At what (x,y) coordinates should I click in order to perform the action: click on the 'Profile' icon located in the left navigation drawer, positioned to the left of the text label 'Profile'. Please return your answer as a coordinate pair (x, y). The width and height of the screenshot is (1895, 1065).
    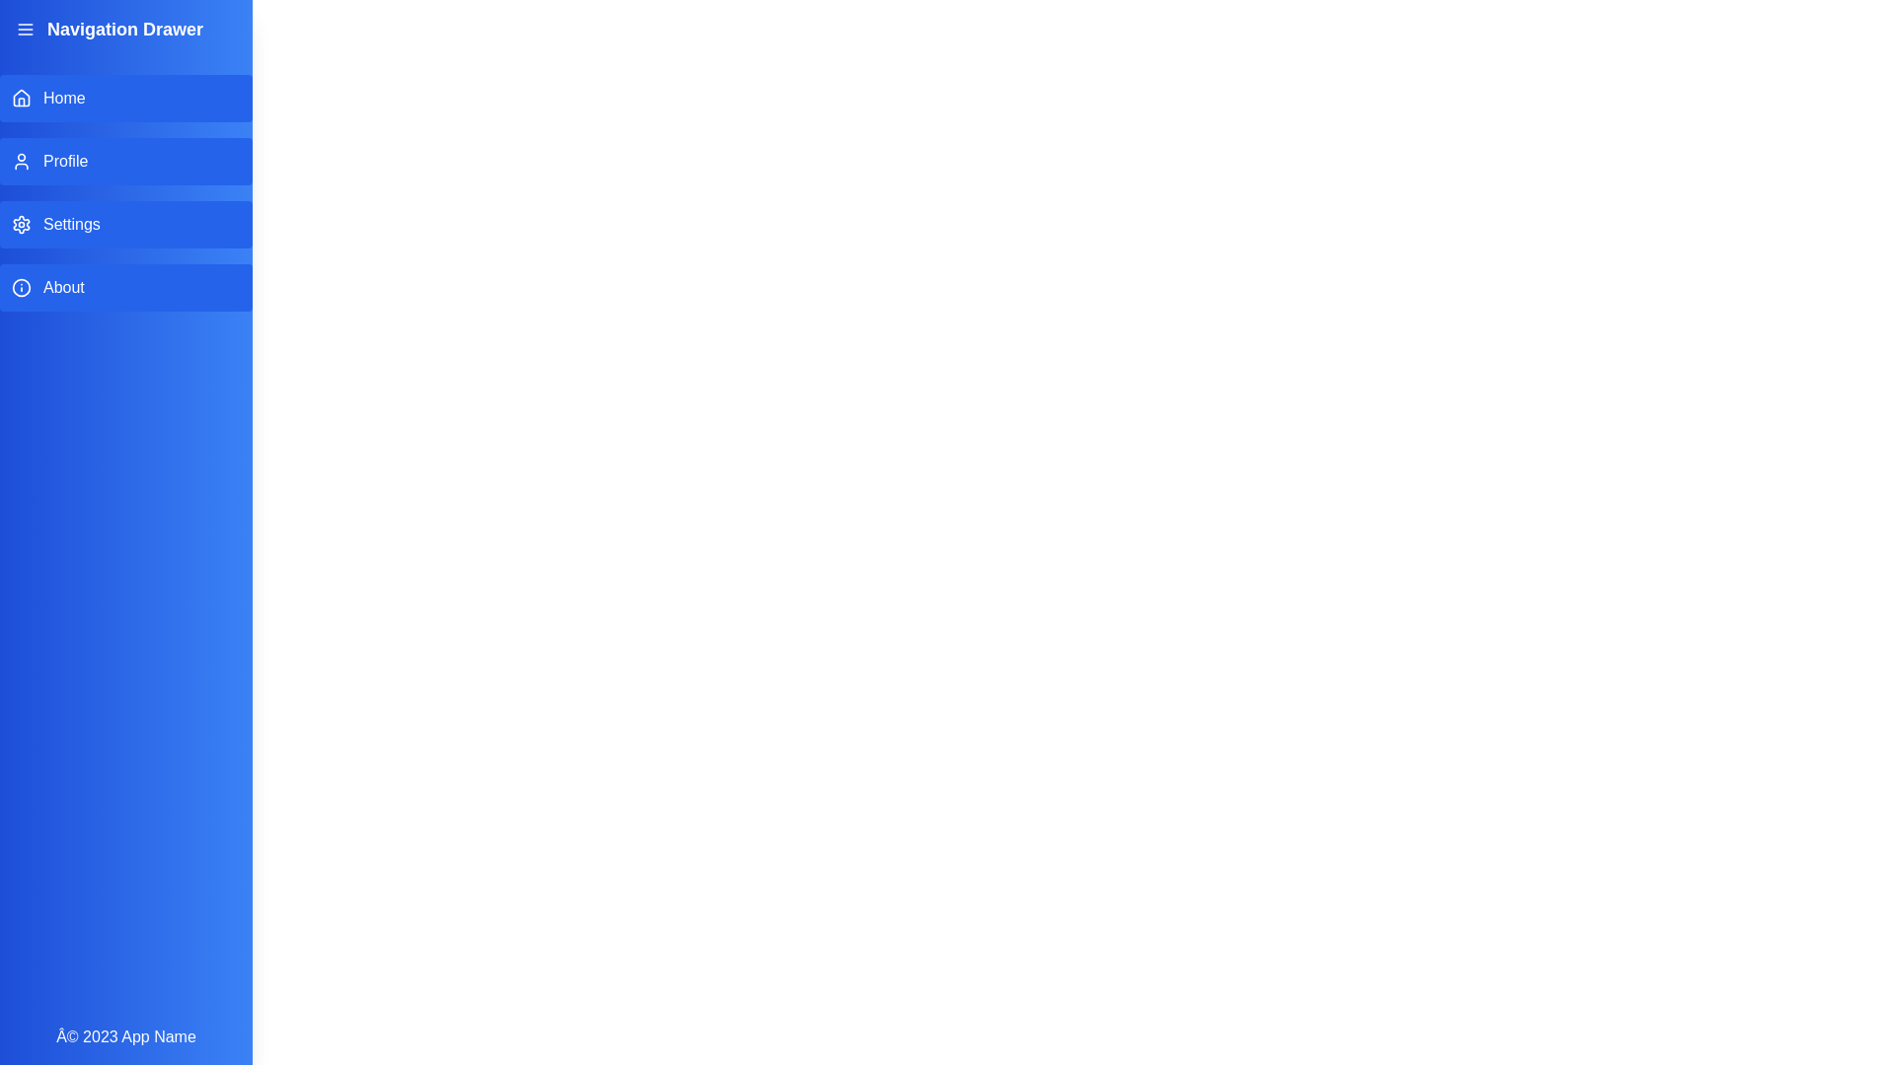
    Looking at the image, I should click on (22, 161).